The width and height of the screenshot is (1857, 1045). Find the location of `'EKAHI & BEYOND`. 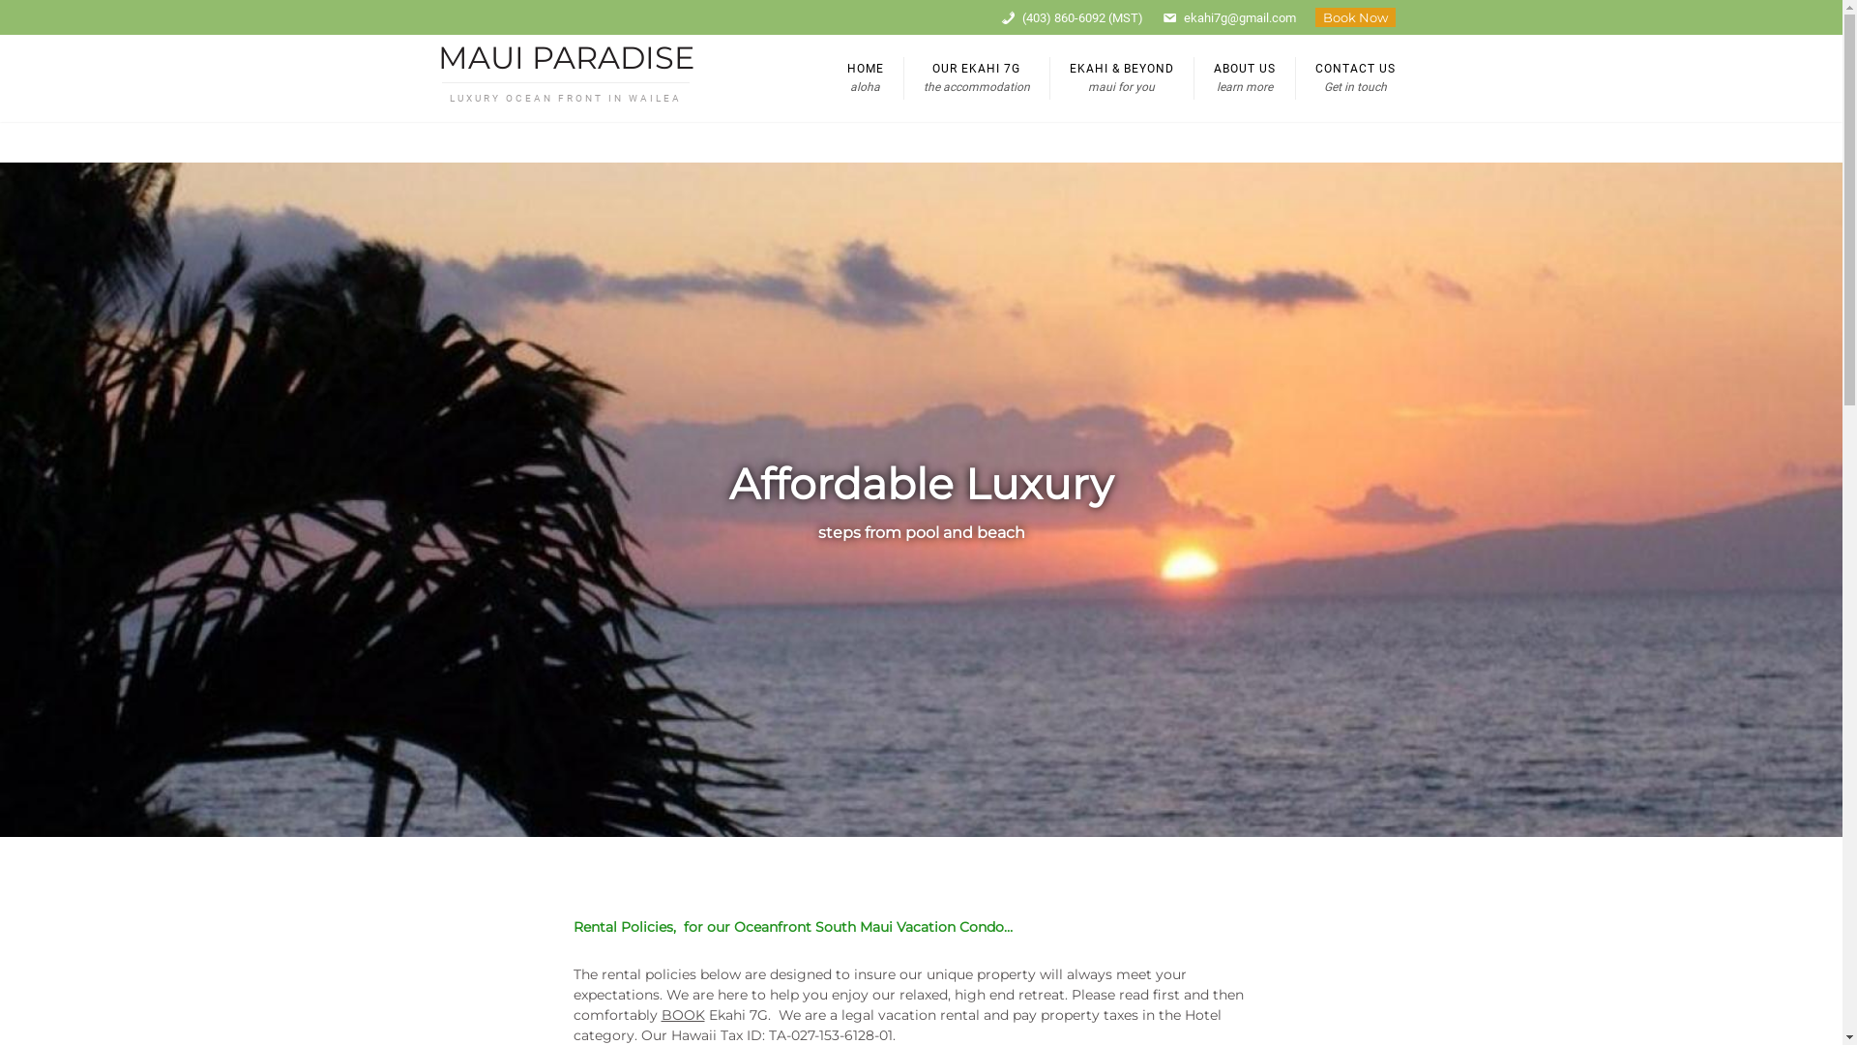

'EKAHI & BEYOND is located at coordinates (1120, 77).